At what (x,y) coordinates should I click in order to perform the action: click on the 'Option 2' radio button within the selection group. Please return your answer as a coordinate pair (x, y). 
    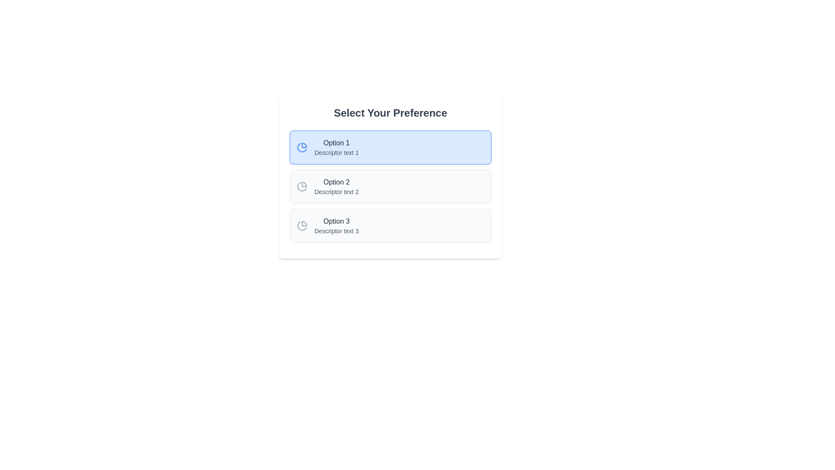
    Looking at the image, I should click on (390, 186).